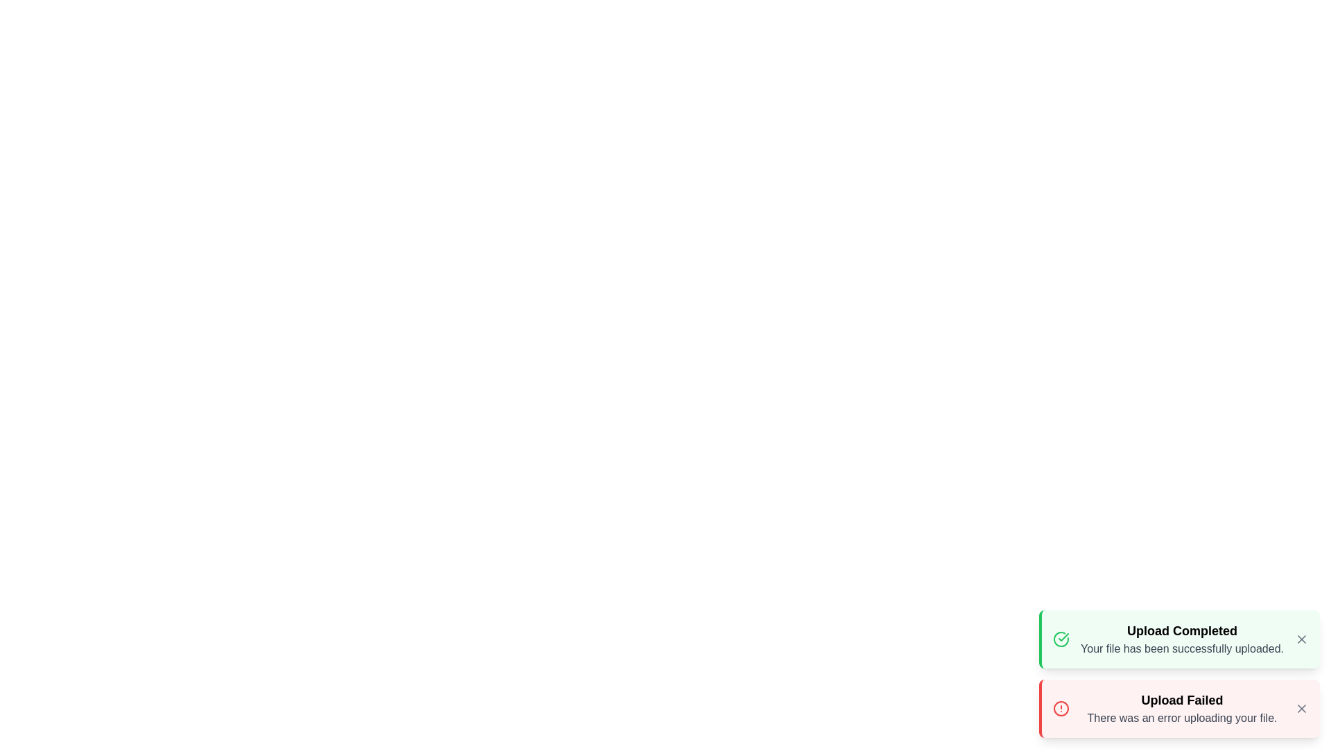 The height and width of the screenshot is (749, 1331). Describe the element at coordinates (1300, 639) in the screenshot. I see `the cross-shaped icon used for closing or canceling actions` at that location.